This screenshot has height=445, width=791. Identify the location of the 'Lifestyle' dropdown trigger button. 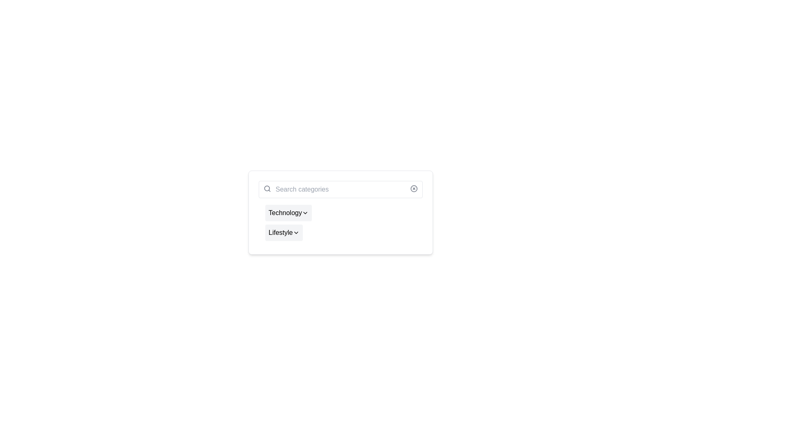
(284, 232).